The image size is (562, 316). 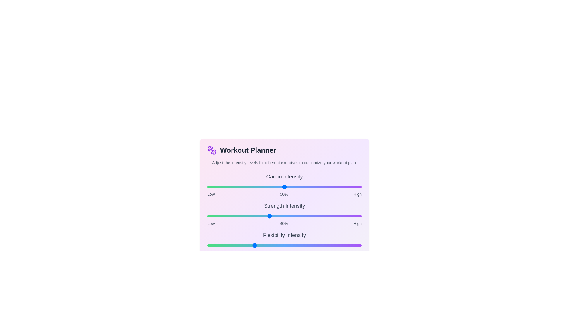 What do you see at coordinates (331, 245) in the screenshot?
I see `the intensity of the 2 slider to 80%` at bounding box center [331, 245].